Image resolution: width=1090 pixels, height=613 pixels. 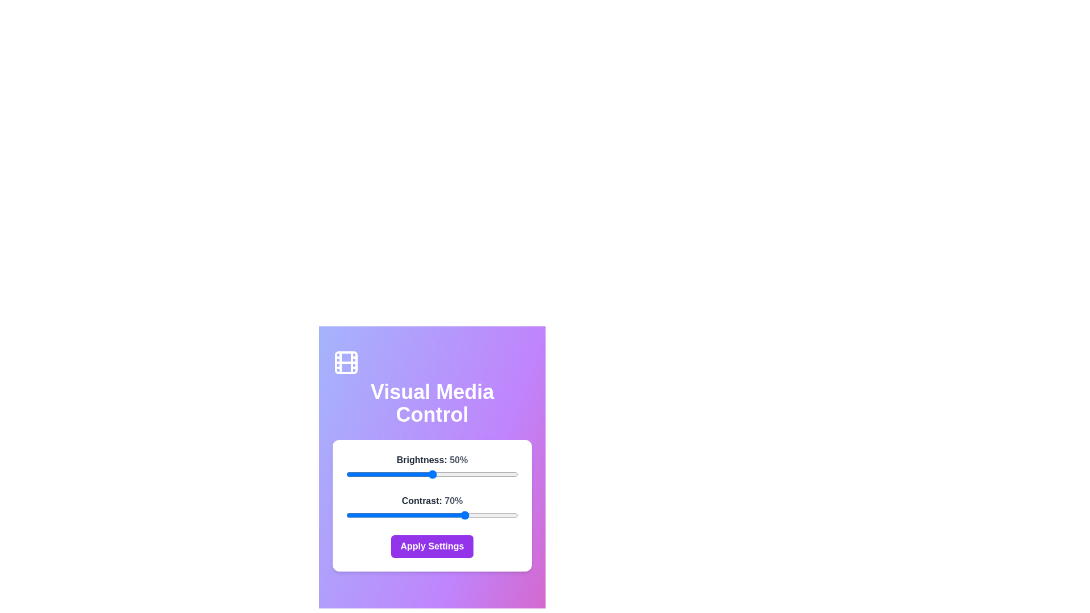 What do you see at coordinates (496, 475) in the screenshot?
I see `the brightness slider to 87%` at bounding box center [496, 475].